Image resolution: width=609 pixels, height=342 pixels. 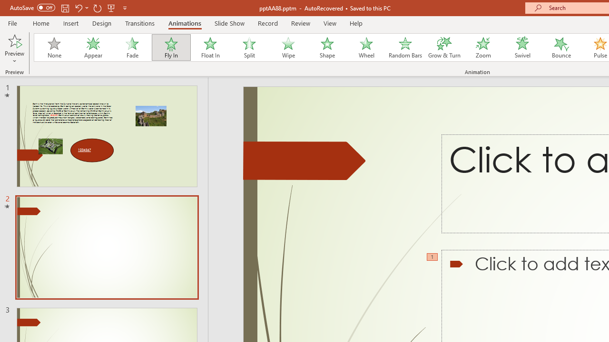 What do you see at coordinates (209, 47) in the screenshot?
I see `'Float In'` at bounding box center [209, 47].